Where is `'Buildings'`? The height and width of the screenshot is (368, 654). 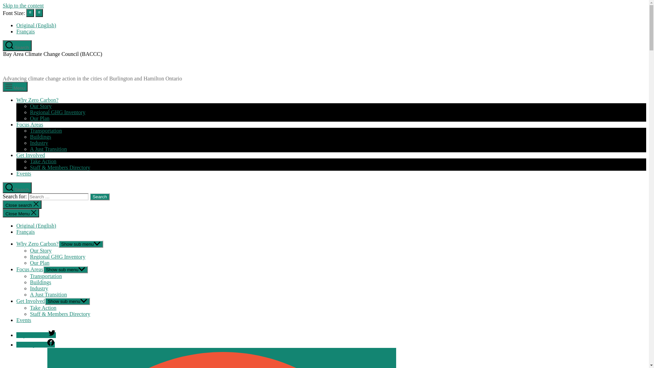 'Buildings' is located at coordinates (40, 282).